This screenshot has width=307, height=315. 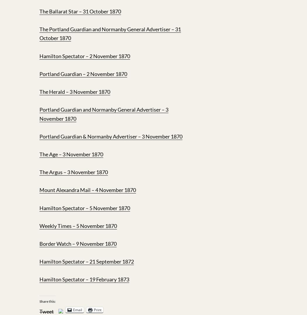 What do you see at coordinates (84, 56) in the screenshot?
I see `'Hamilton Spectator – 2 November 1870'` at bounding box center [84, 56].